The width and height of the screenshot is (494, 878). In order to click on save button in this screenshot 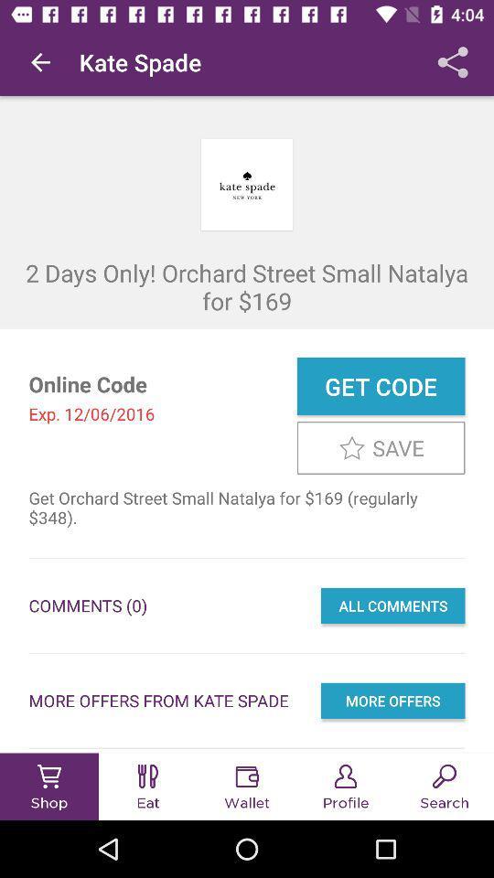, I will do `click(380, 446)`.